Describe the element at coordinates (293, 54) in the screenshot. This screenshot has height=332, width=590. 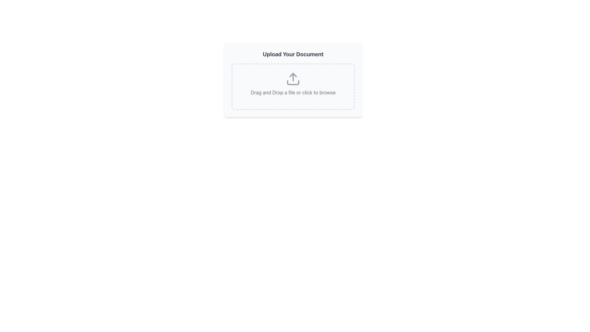
I see `the bold text label reading 'Upload Your Document' to focus on it` at that location.